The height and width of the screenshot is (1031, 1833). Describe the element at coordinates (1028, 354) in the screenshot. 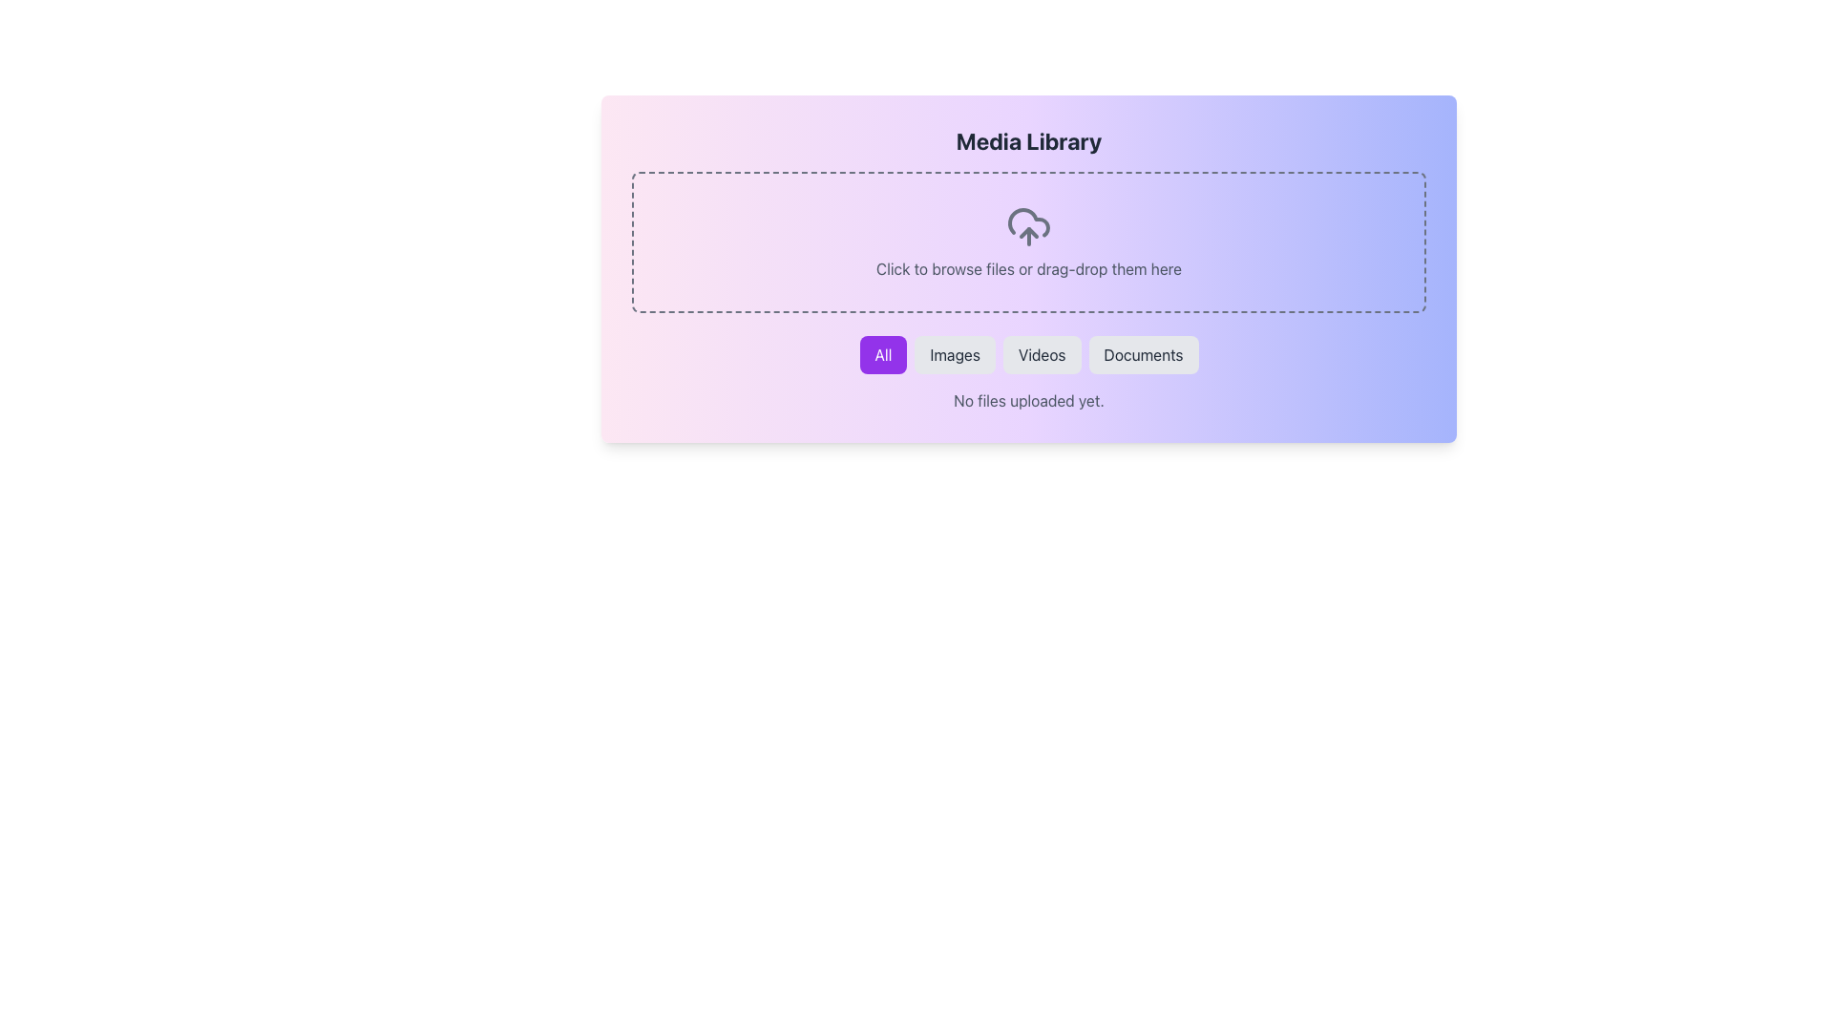

I see `the 'Videos' button on the Navigation bar` at that location.